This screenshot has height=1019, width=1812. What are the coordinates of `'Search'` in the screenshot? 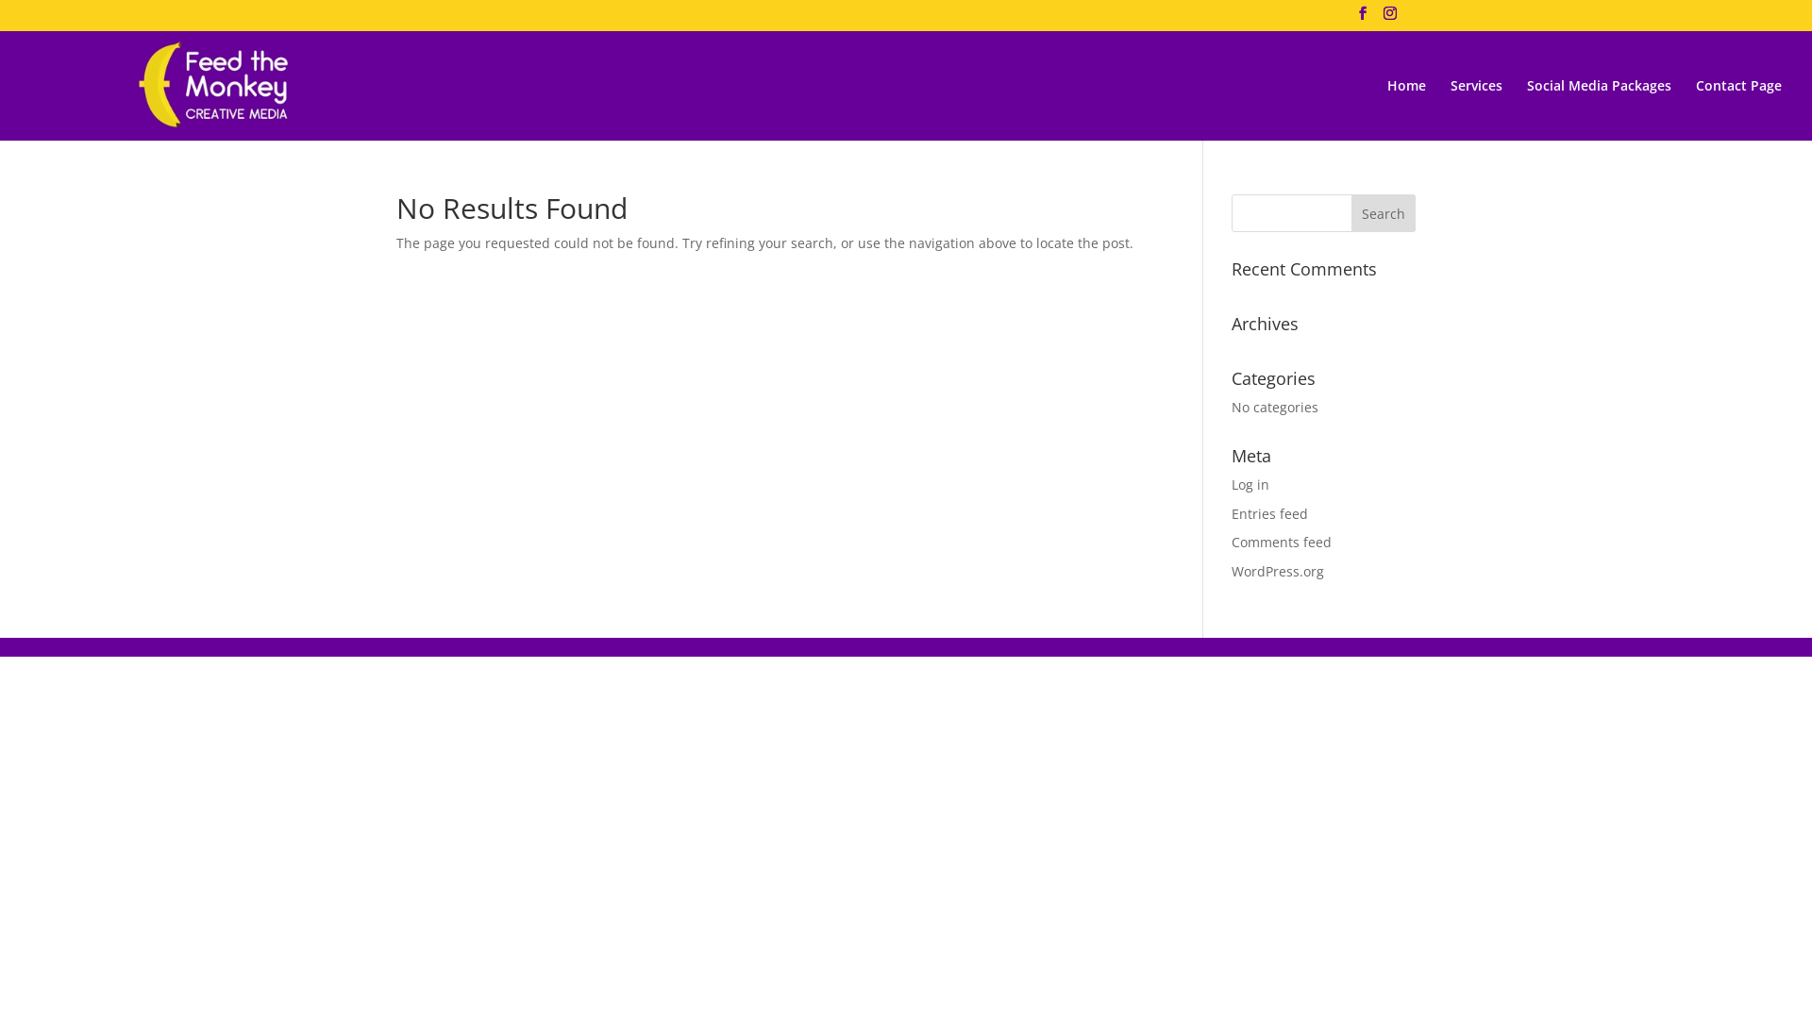 It's located at (1383, 212).